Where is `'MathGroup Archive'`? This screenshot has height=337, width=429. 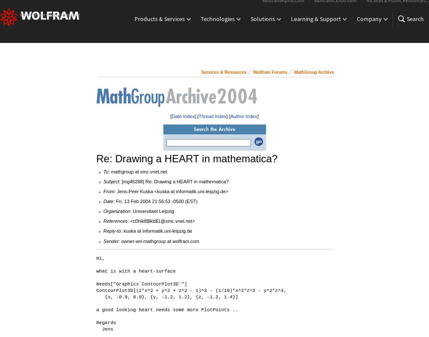 'MathGroup Archive' is located at coordinates (314, 72).